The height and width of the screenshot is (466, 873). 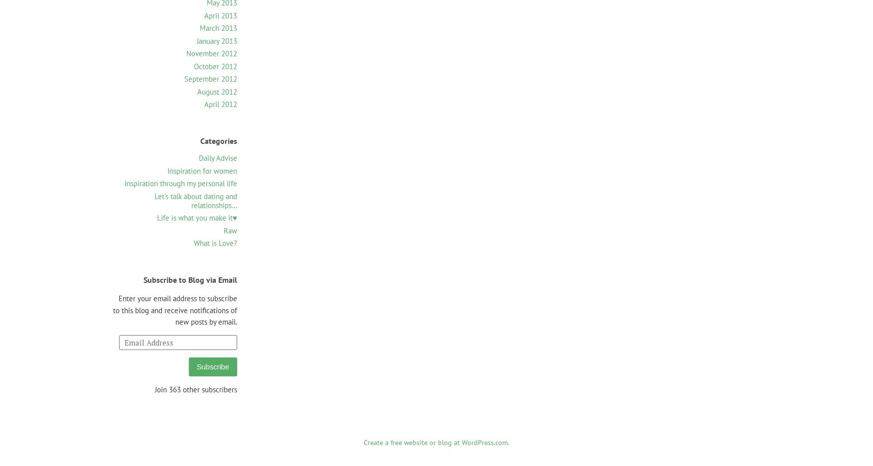 I want to click on 'August 2012', so click(x=217, y=91).